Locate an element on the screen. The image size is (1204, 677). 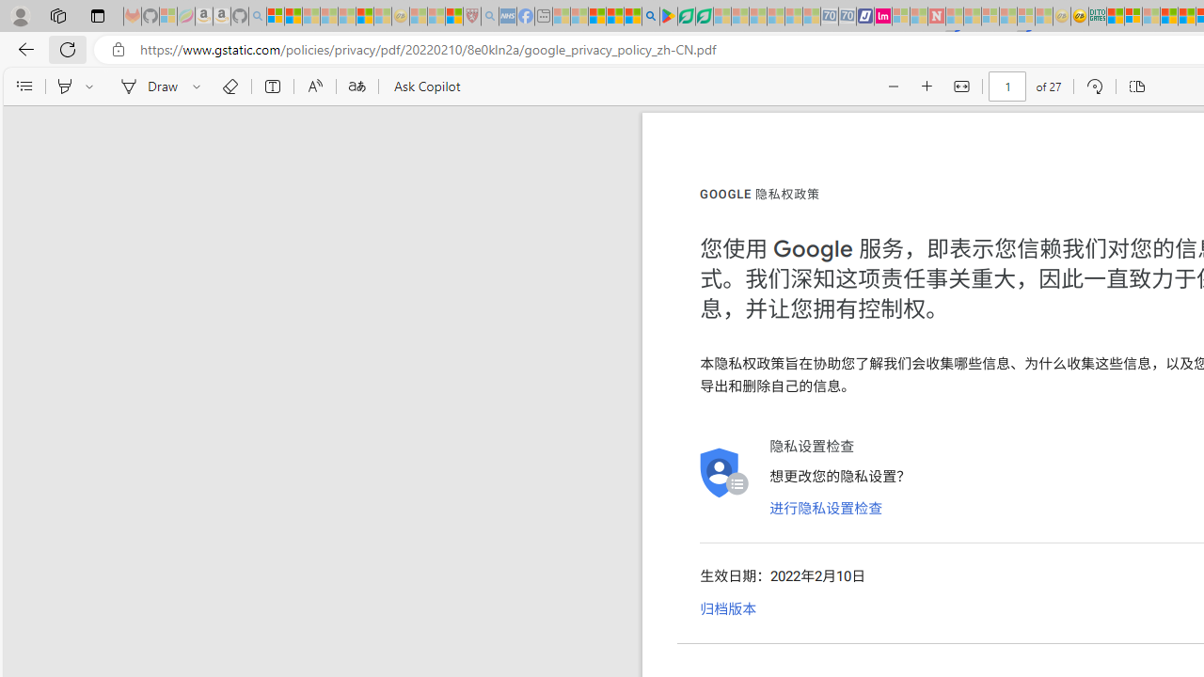
'Kinda Frugal - MSN' is located at coordinates (1186, 16).